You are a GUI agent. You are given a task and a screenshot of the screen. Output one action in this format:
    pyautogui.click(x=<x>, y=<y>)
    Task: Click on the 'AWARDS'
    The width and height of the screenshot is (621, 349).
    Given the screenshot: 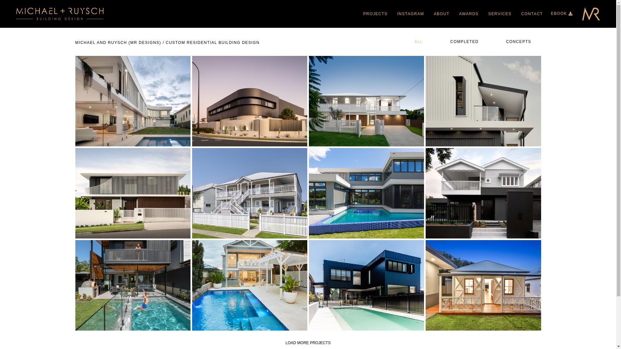 What is the action you would take?
    pyautogui.click(x=469, y=14)
    